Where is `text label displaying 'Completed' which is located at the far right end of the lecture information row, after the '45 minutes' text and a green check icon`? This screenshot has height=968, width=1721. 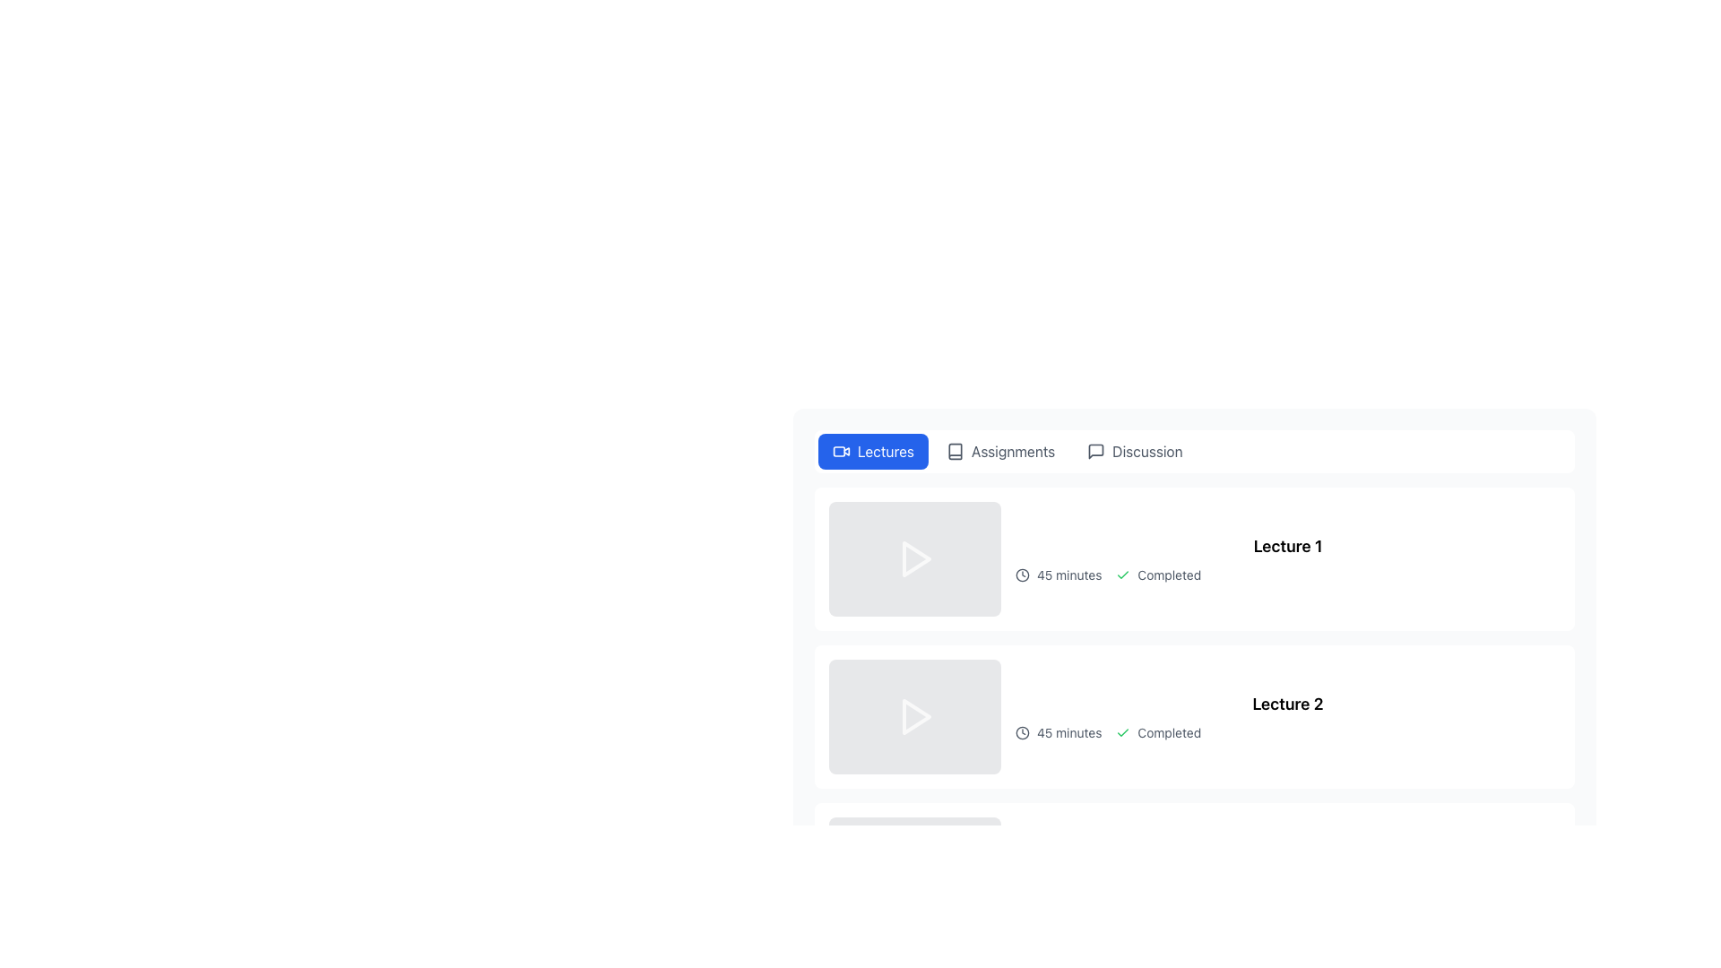 text label displaying 'Completed' which is located at the far right end of the lecture information row, after the '45 minutes' text and a green check icon is located at coordinates (1169, 575).